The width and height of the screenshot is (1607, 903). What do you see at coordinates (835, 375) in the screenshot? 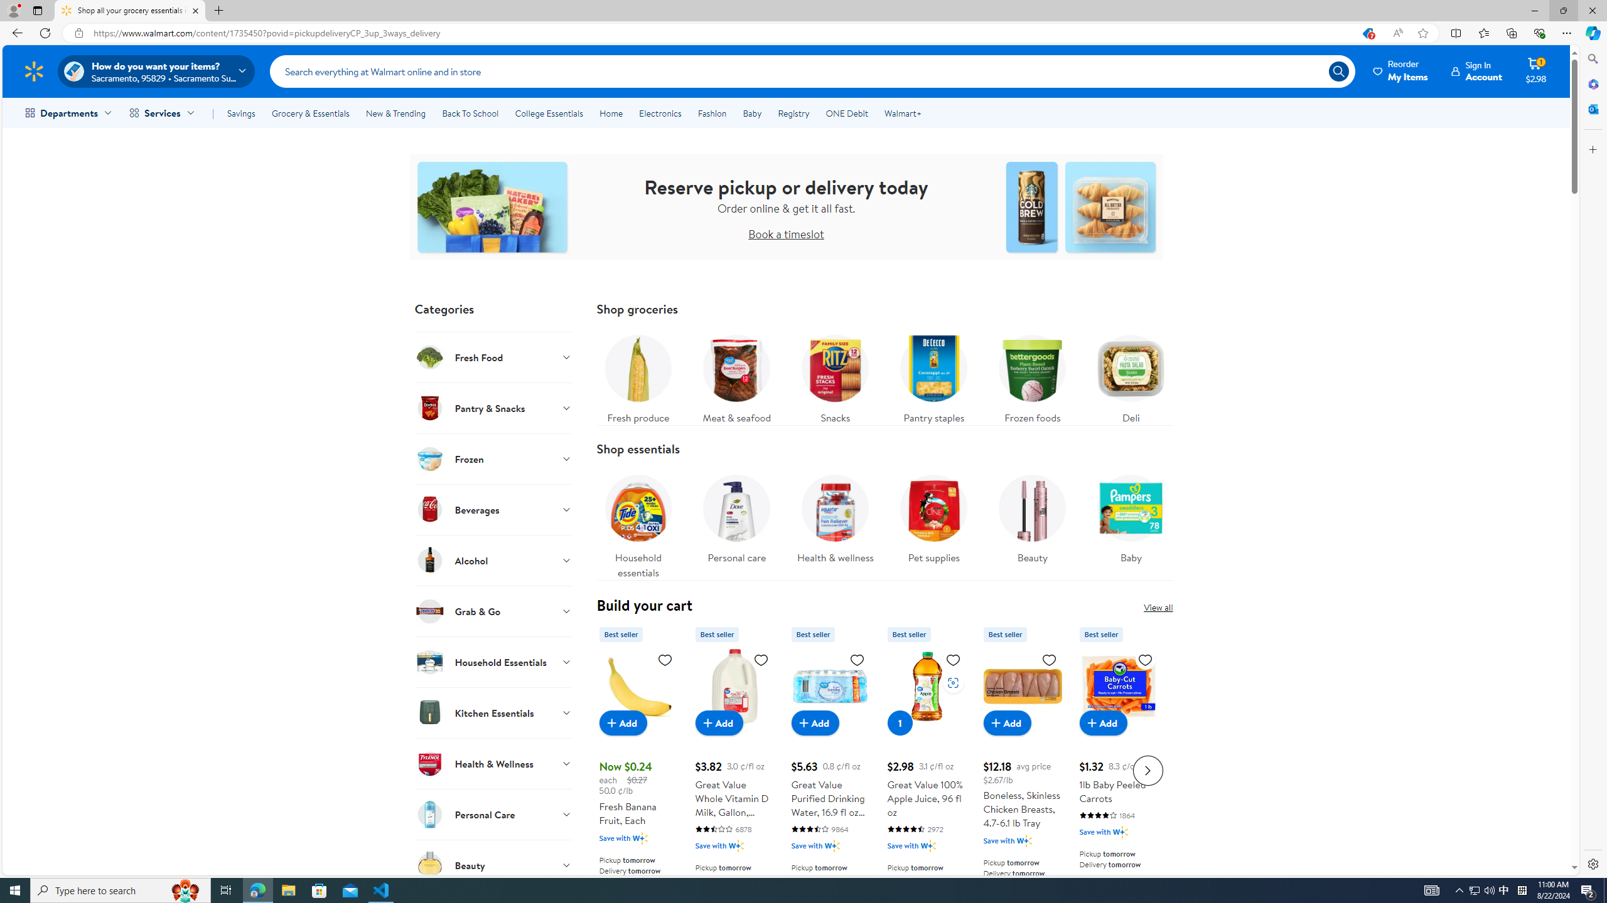
I see `'Snacks'` at bounding box center [835, 375].